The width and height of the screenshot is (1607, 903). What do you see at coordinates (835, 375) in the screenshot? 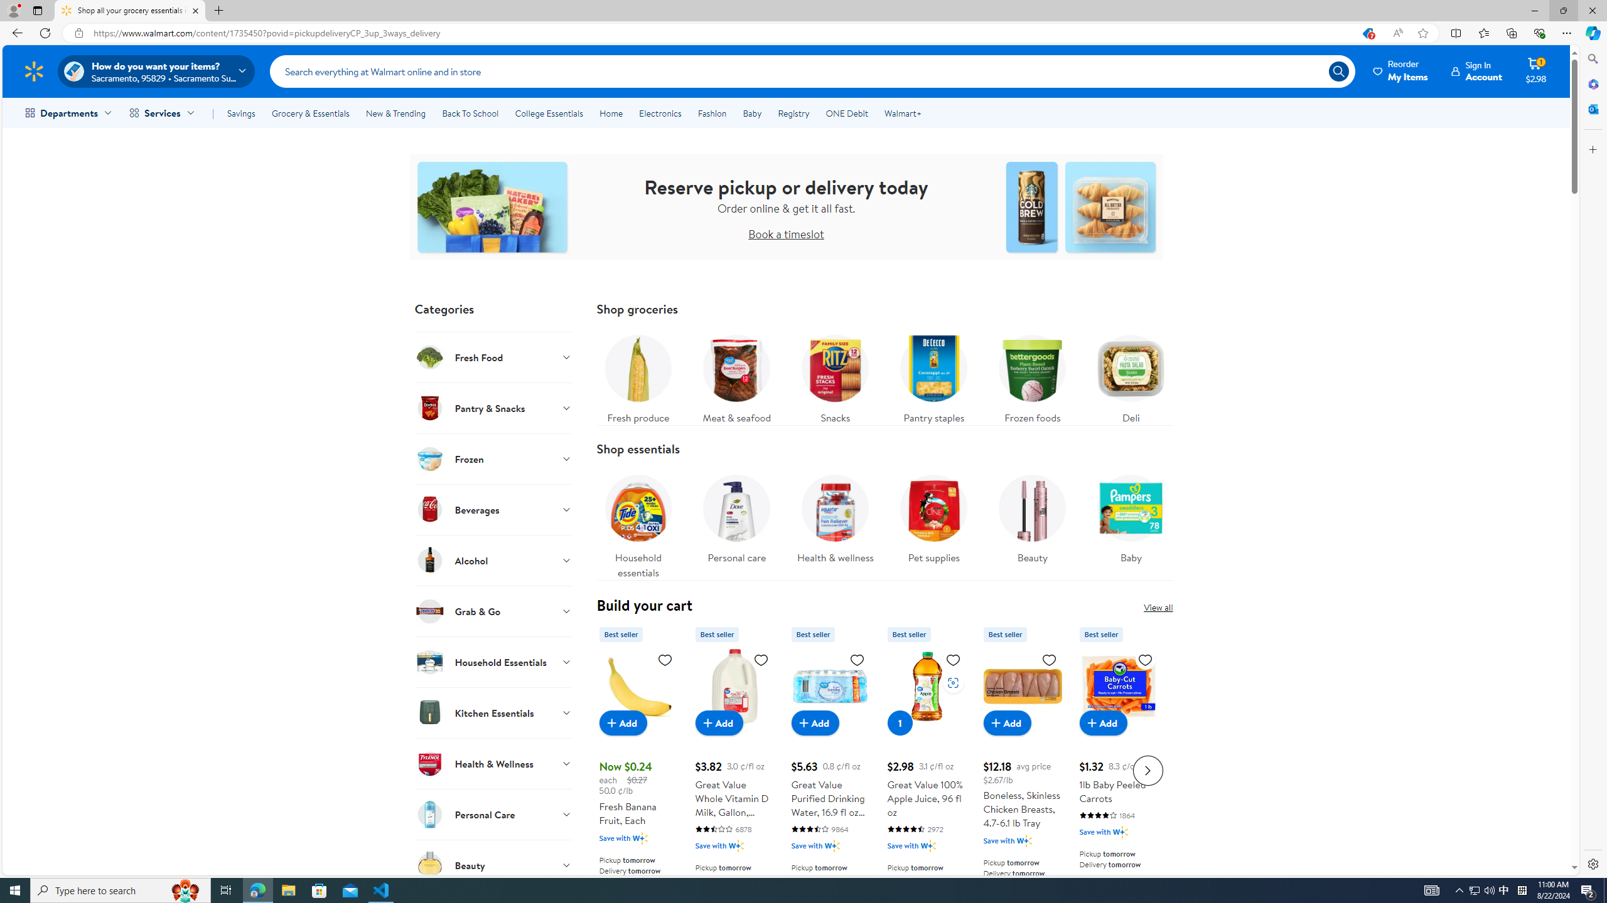
I see `'Snacks'` at bounding box center [835, 375].